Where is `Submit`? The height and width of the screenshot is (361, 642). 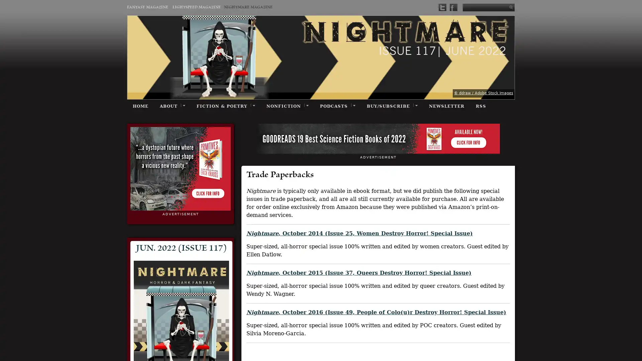
Submit is located at coordinates (518, 7).